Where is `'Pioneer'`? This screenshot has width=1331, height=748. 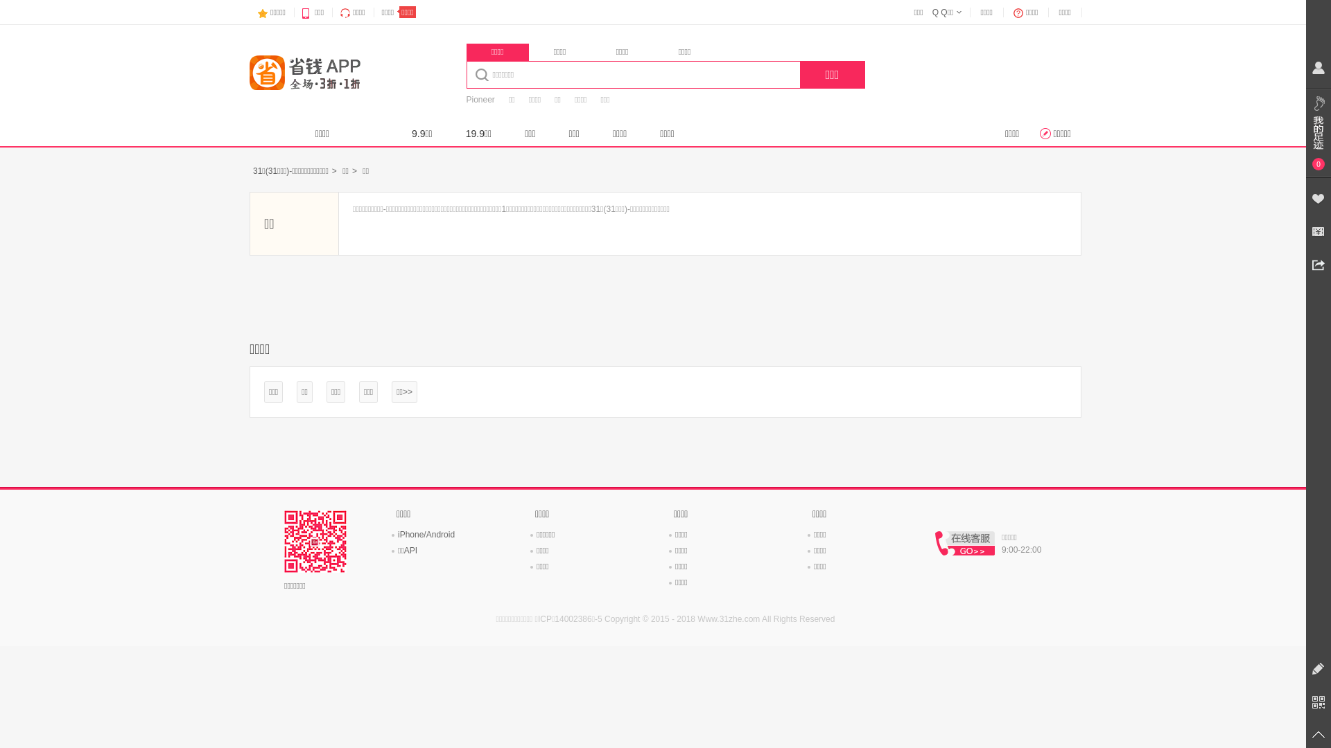 'Pioneer' is located at coordinates (480, 99).